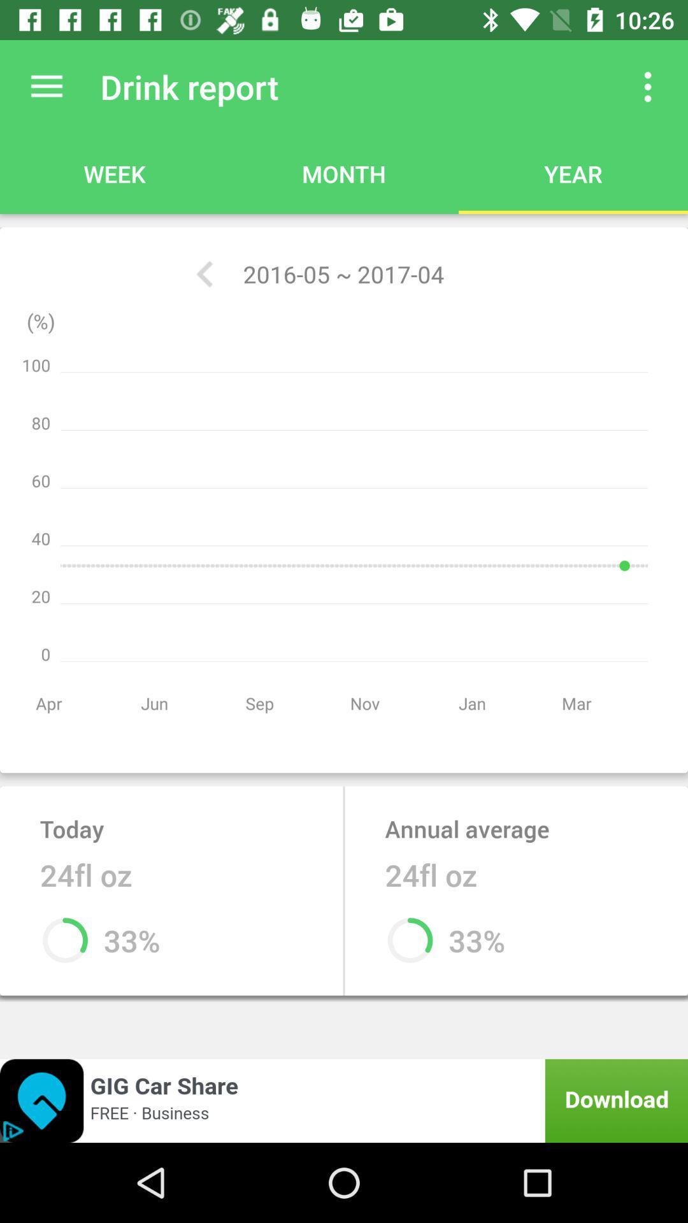  I want to click on open up menu, so click(648, 86).